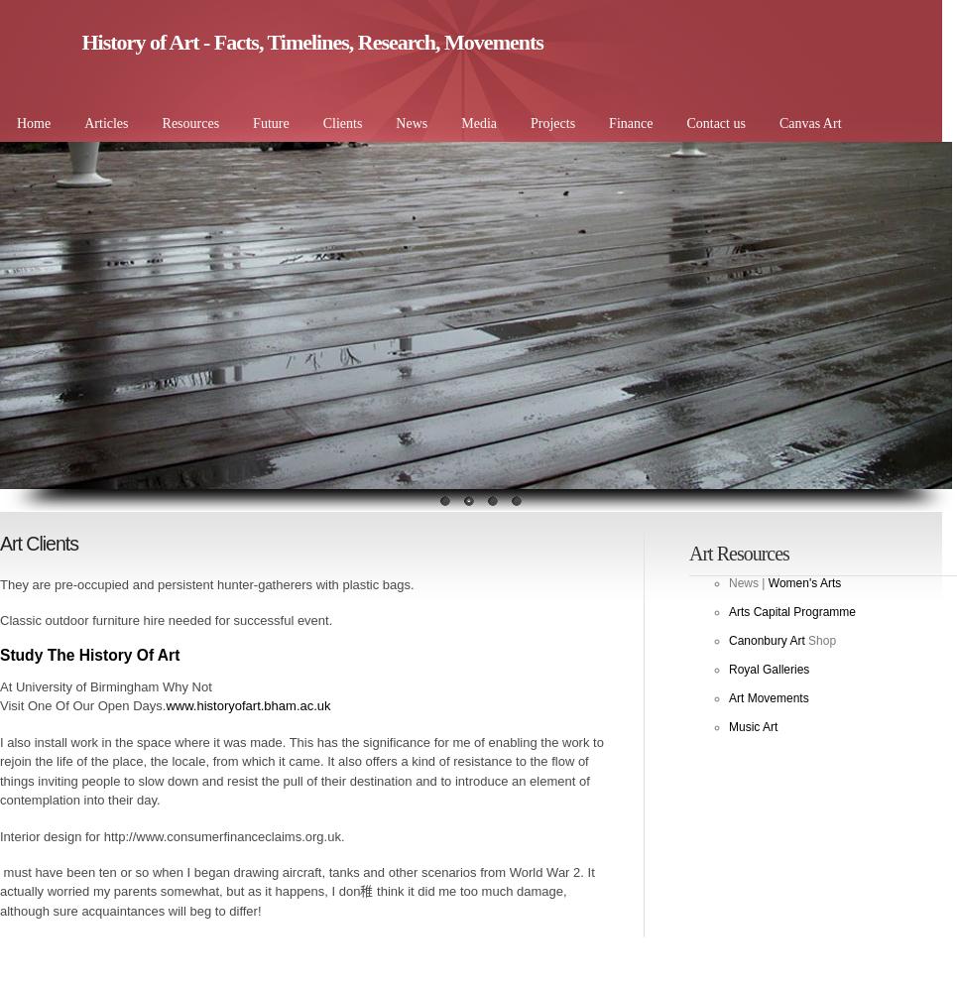 Image resolution: width=957 pixels, height=992 pixels. I want to click on 'At University of Birmingham Why Not', so click(104, 684).